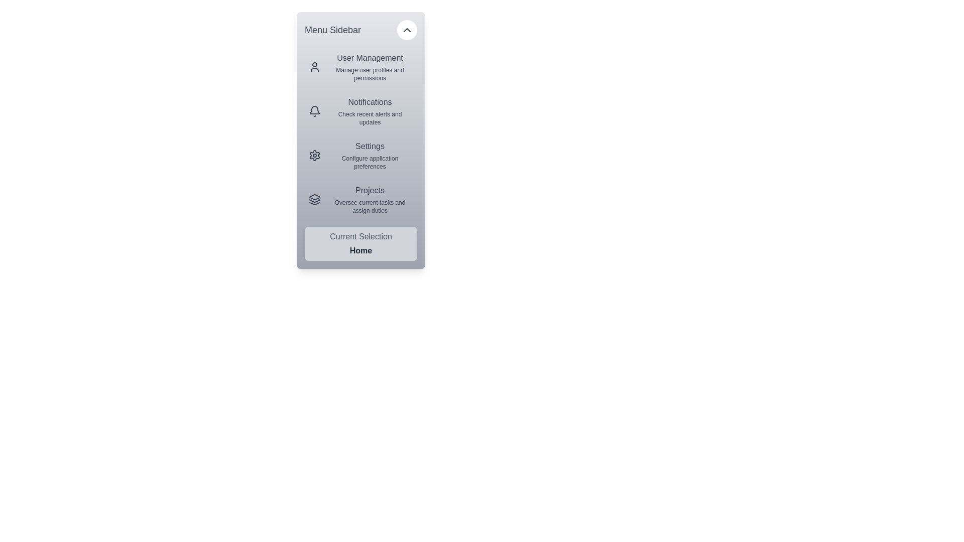 This screenshot has width=964, height=542. Describe the element at coordinates (370, 191) in the screenshot. I see `the 'Projects' section header located` at that location.